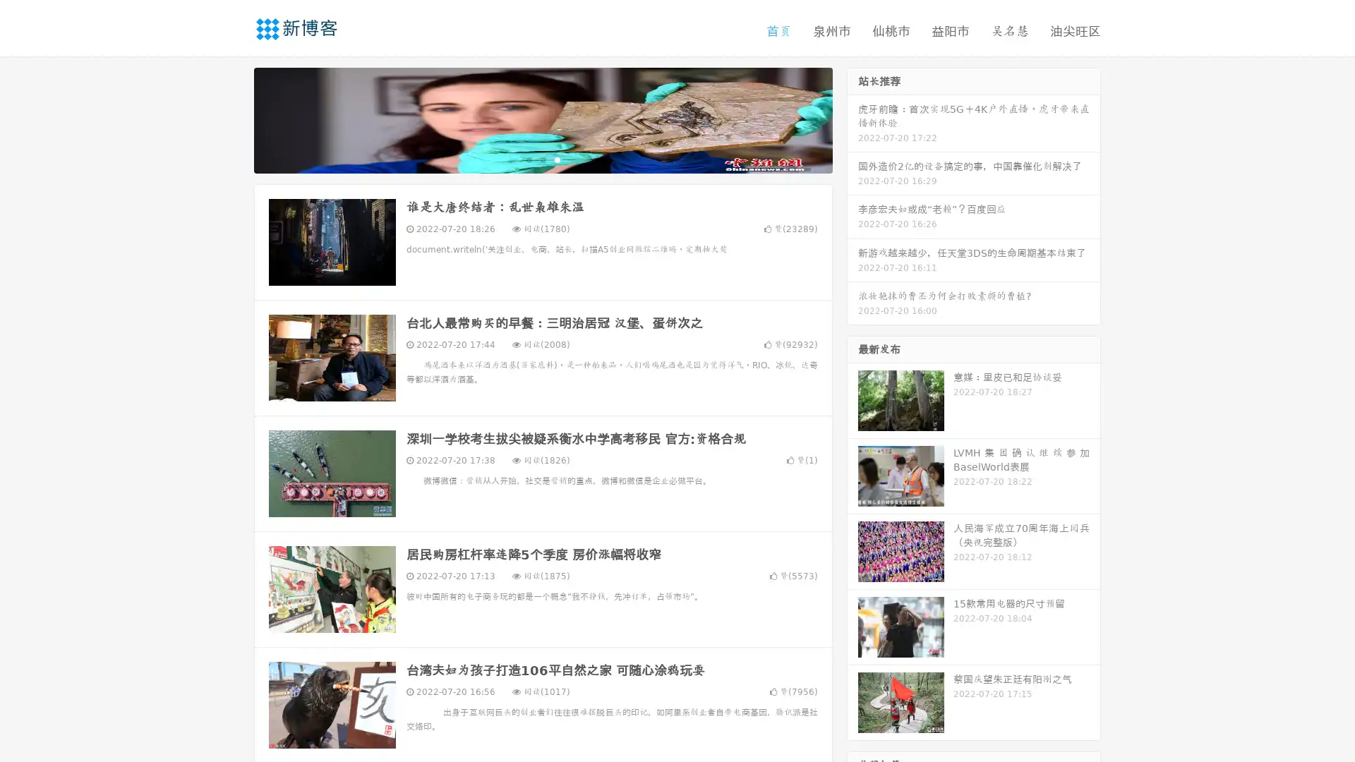 This screenshot has width=1355, height=762. I want to click on Go to slide 3, so click(557, 159).